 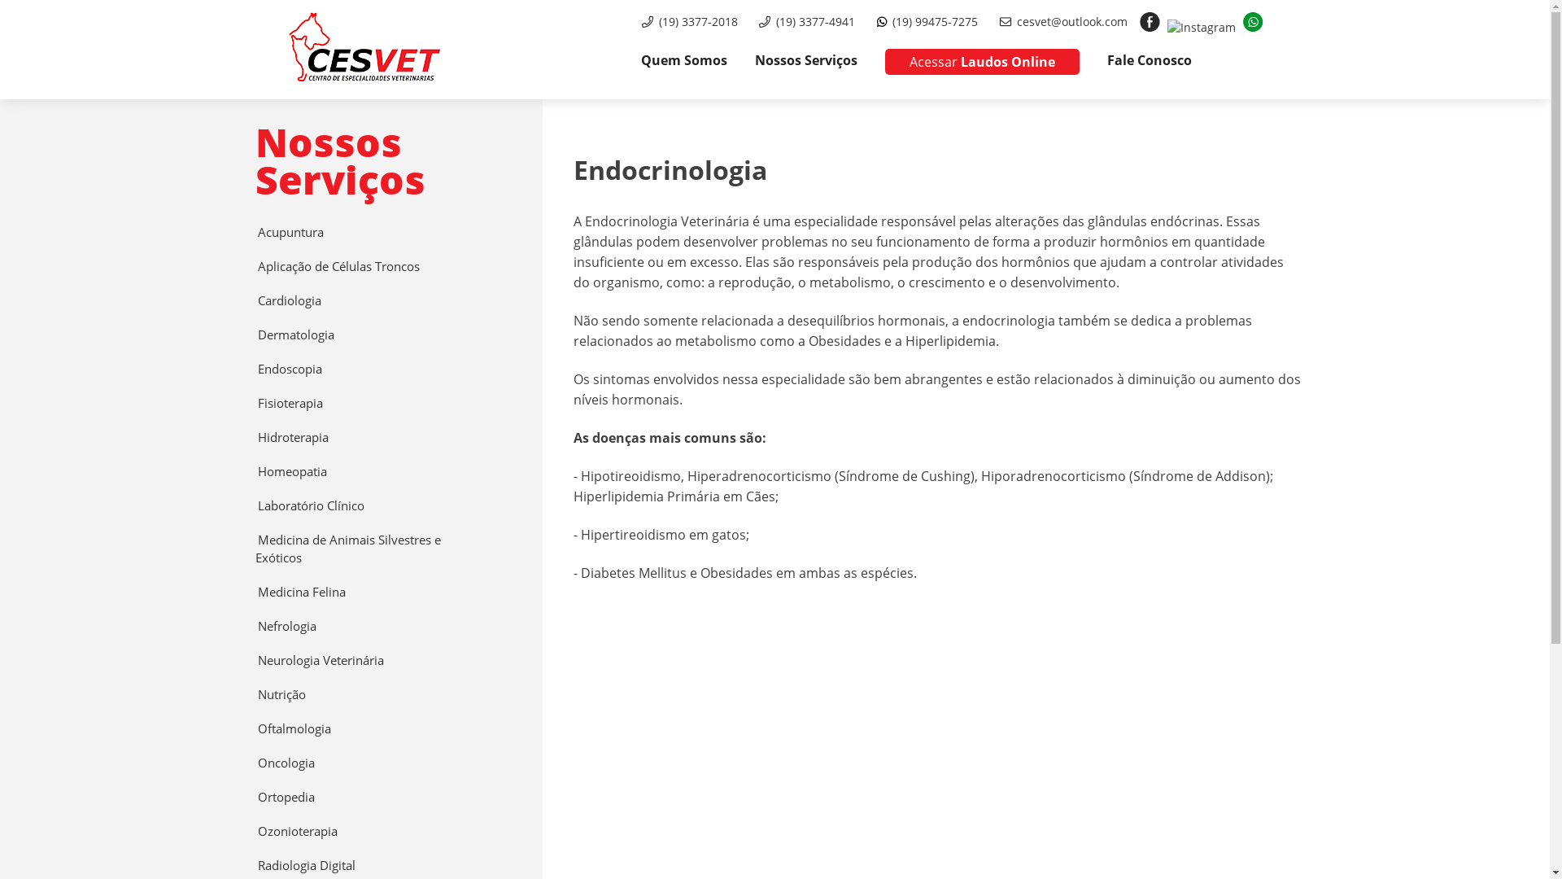 What do you see at coordinates (304, 592) in the screenshot?
I see `'Medicina Felina'` at bounding box center [304, 592].